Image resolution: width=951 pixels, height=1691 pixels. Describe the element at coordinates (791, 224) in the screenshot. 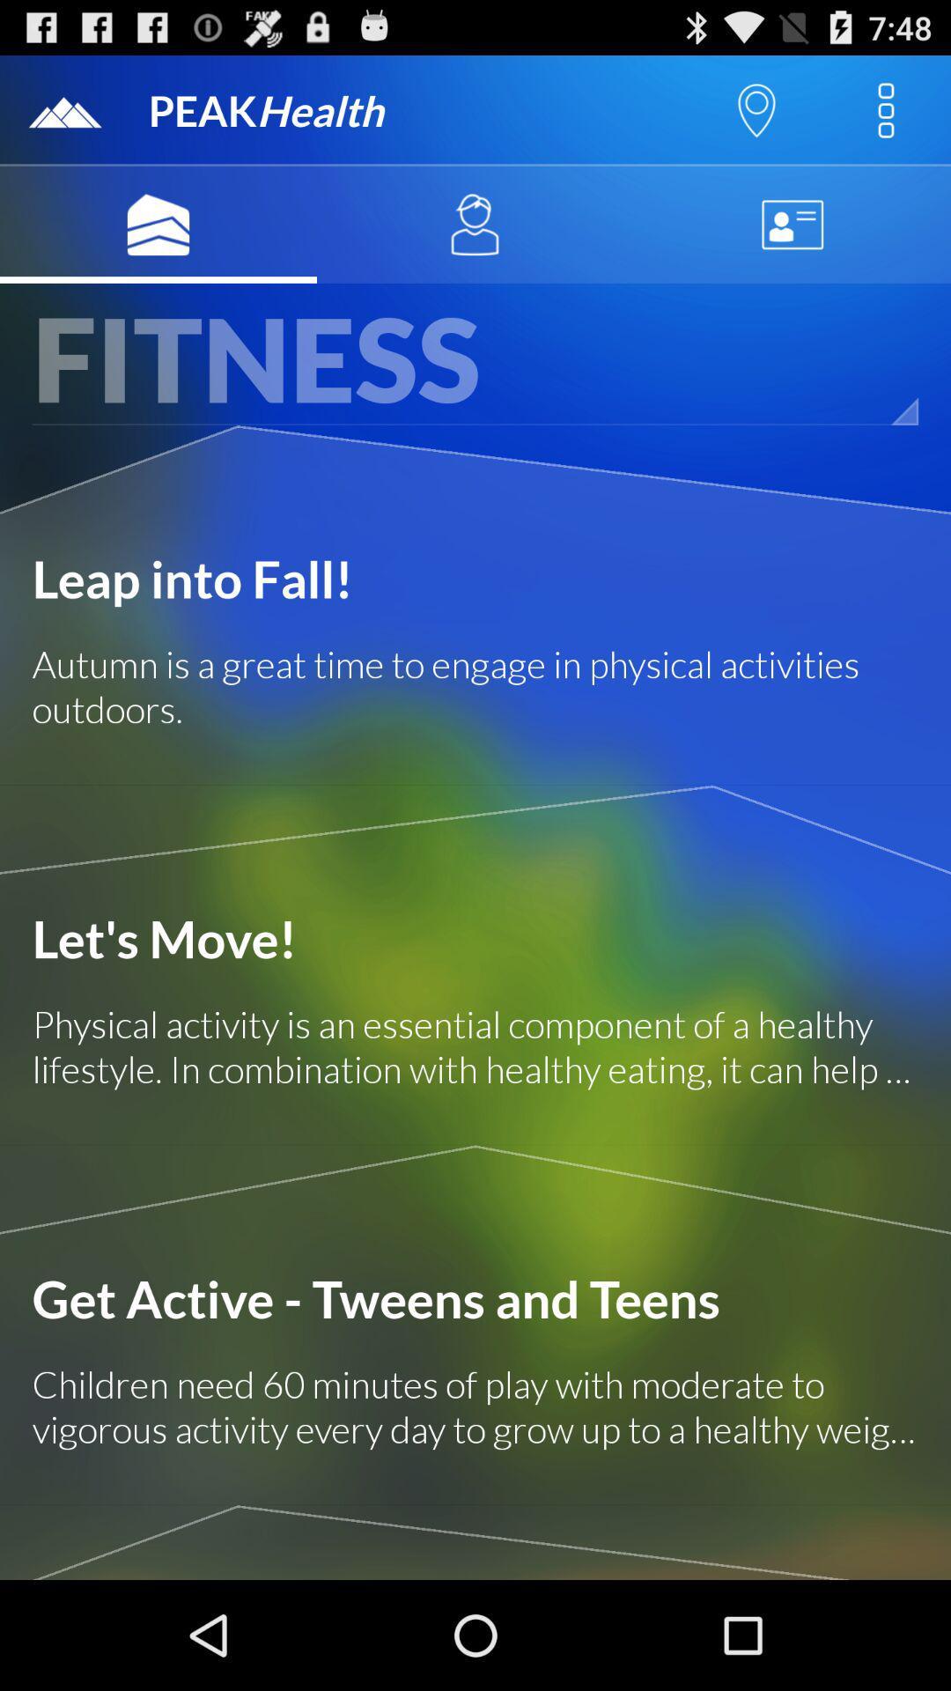

I see `show personal information` at that location.